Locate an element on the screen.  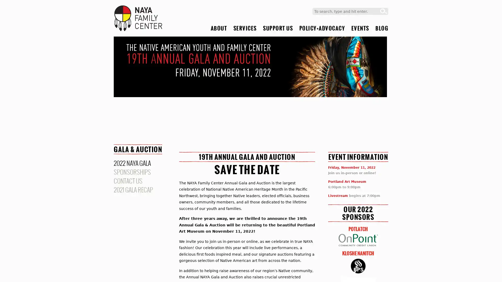
Search is located at coordinates (384, 11).